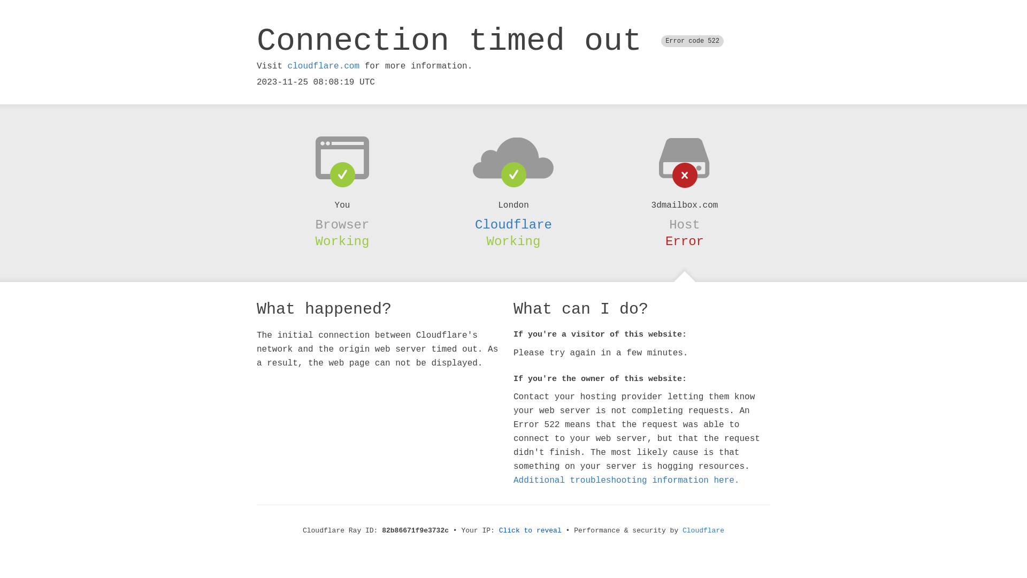 The width and height of the screenshot is (1027, 578). What do you see at coordinates (323, 66) in the screenshot?
I see `'cloudflare.com'` at bounding box center [323, 66].